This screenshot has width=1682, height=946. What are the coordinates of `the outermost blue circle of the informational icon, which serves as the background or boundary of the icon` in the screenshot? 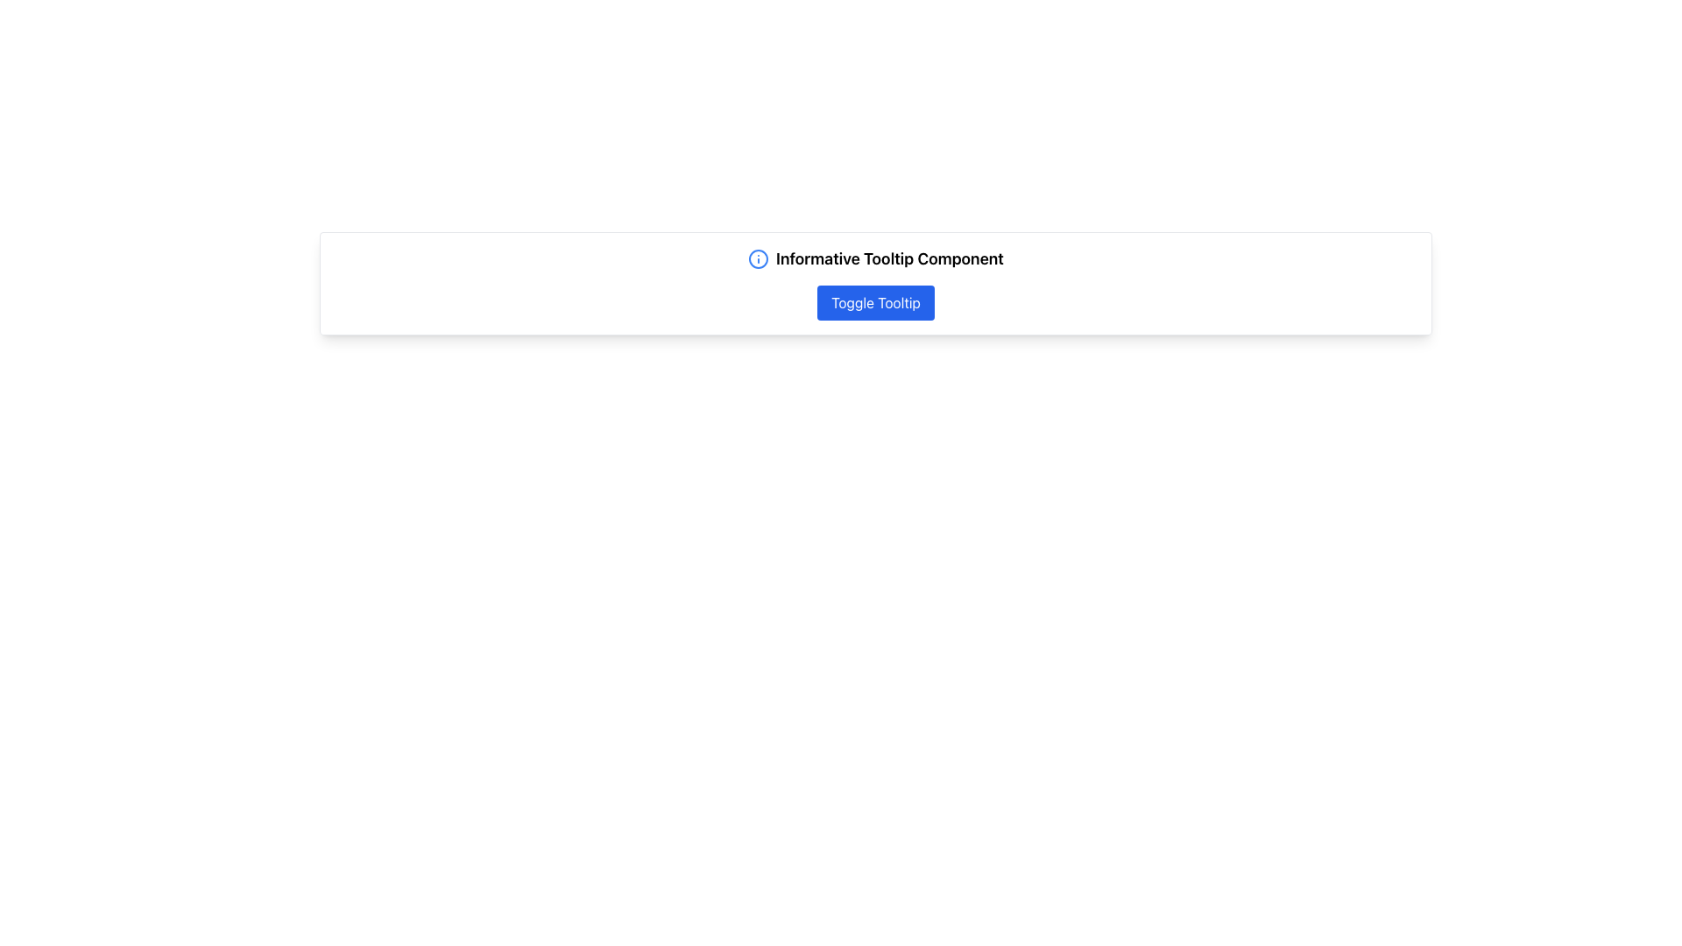 It's located at (758, 259).